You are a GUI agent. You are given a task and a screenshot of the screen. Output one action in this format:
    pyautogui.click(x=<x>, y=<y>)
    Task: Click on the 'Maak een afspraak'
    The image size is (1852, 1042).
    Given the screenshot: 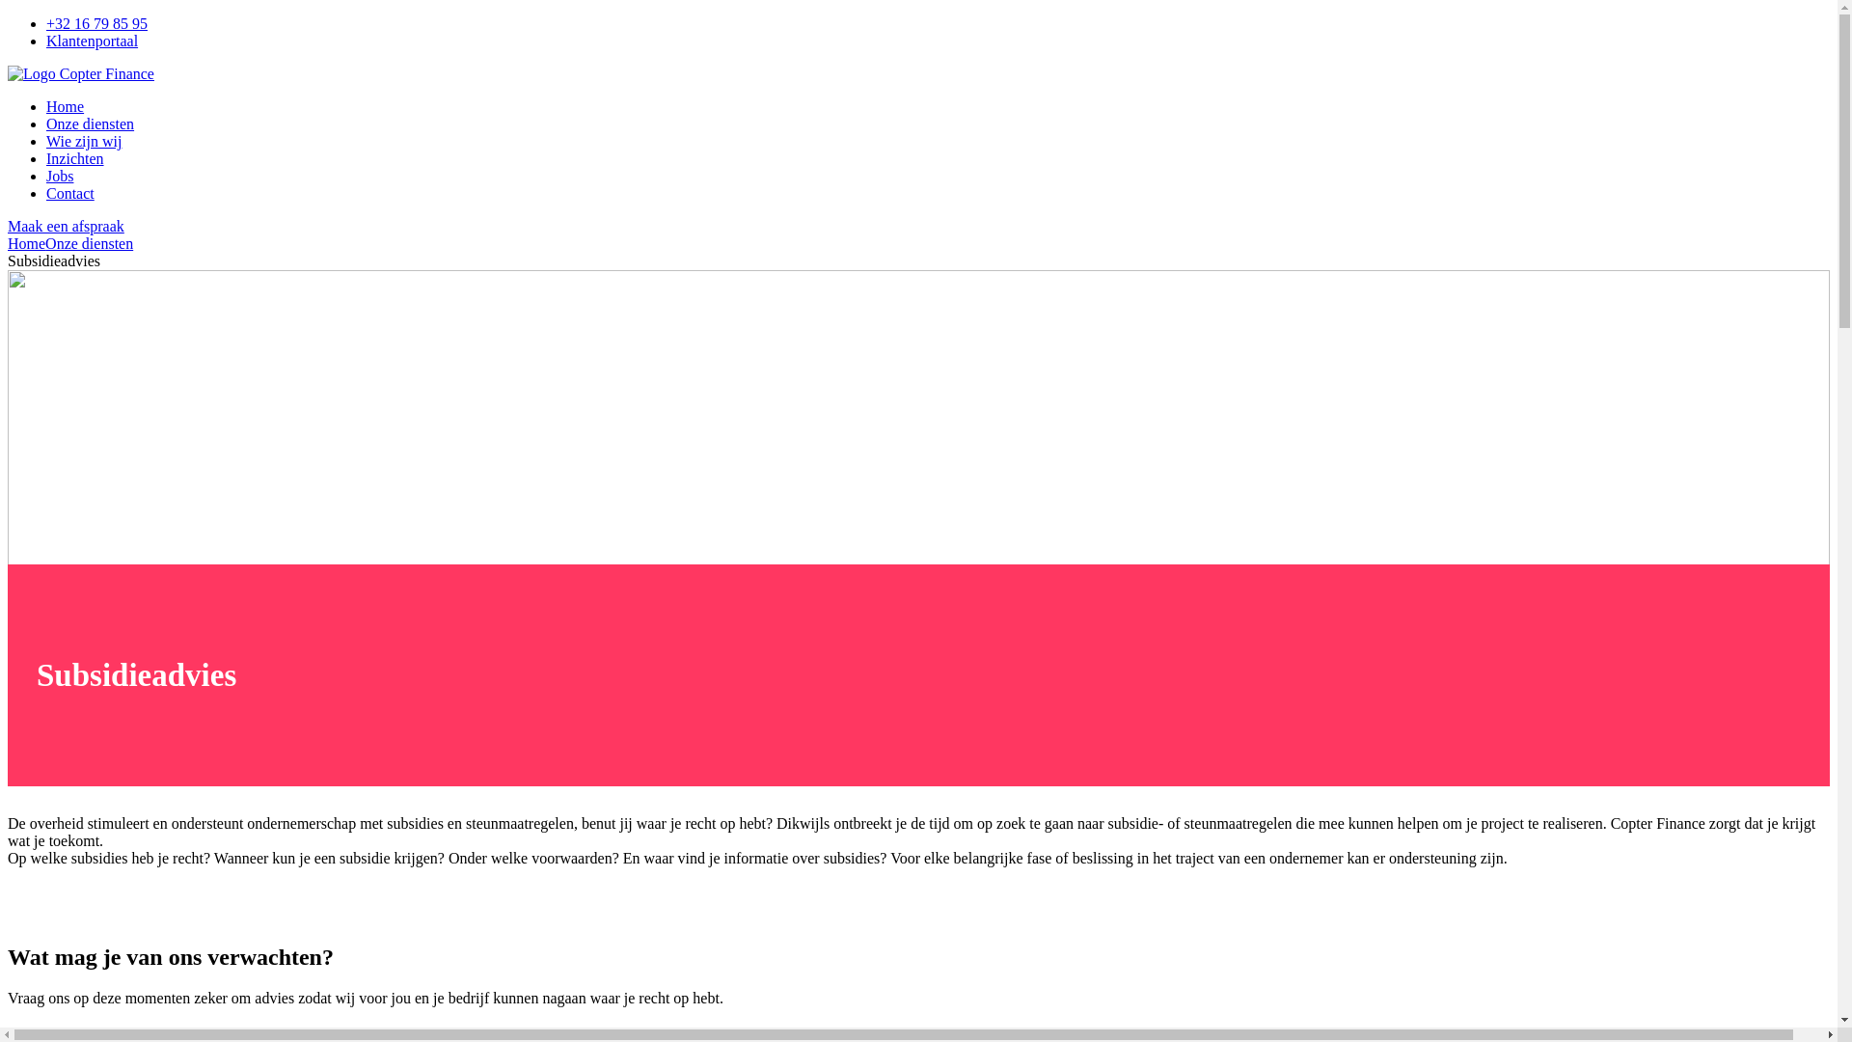 What is the action you would take?
    pyautogui.click(x=66, y=225)
    